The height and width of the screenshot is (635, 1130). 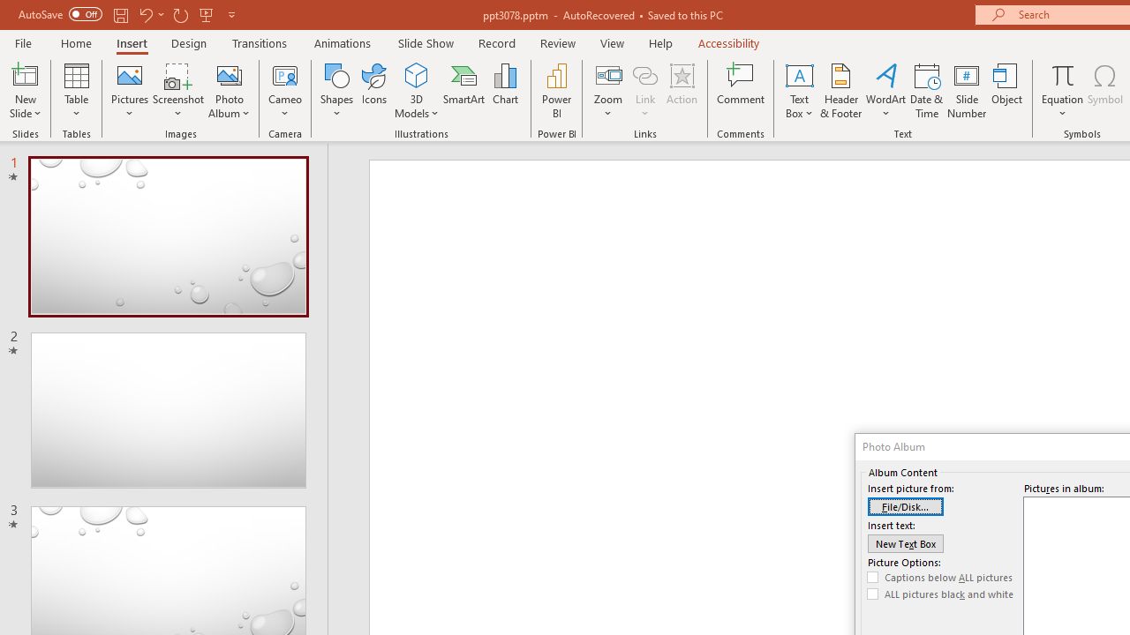 I want to click on 'Link', so click(x=644, y=91).